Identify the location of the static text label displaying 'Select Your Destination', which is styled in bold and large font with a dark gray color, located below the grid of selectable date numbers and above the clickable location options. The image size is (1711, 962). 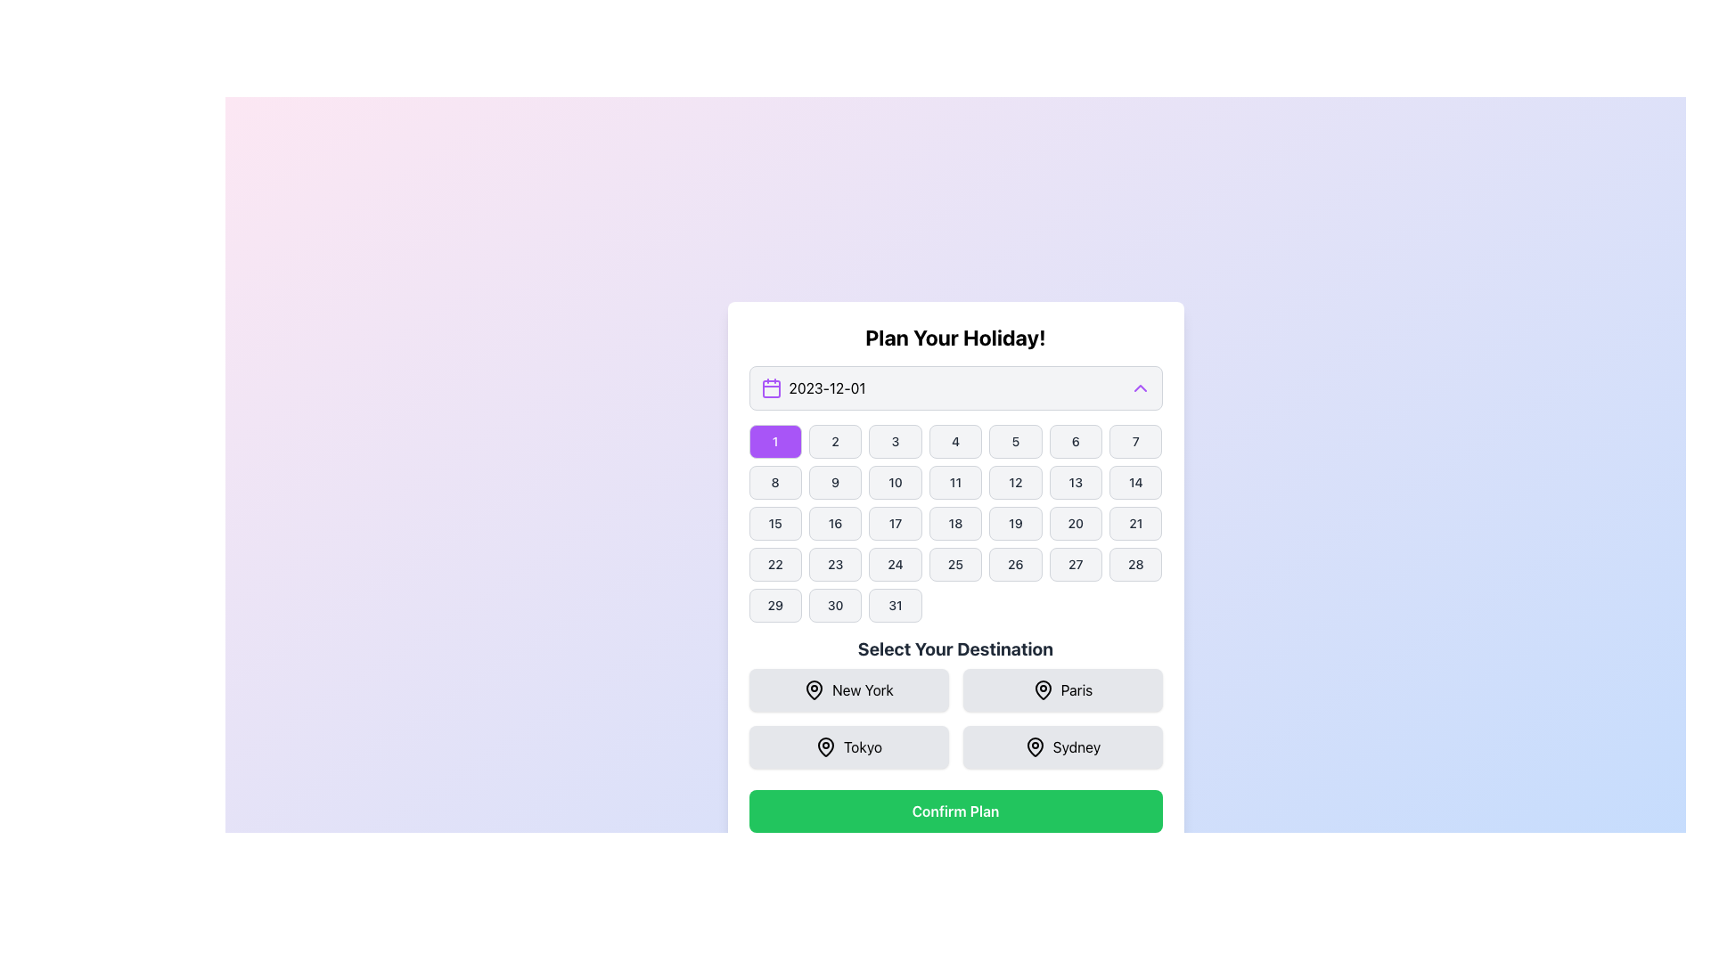
(954, 649).